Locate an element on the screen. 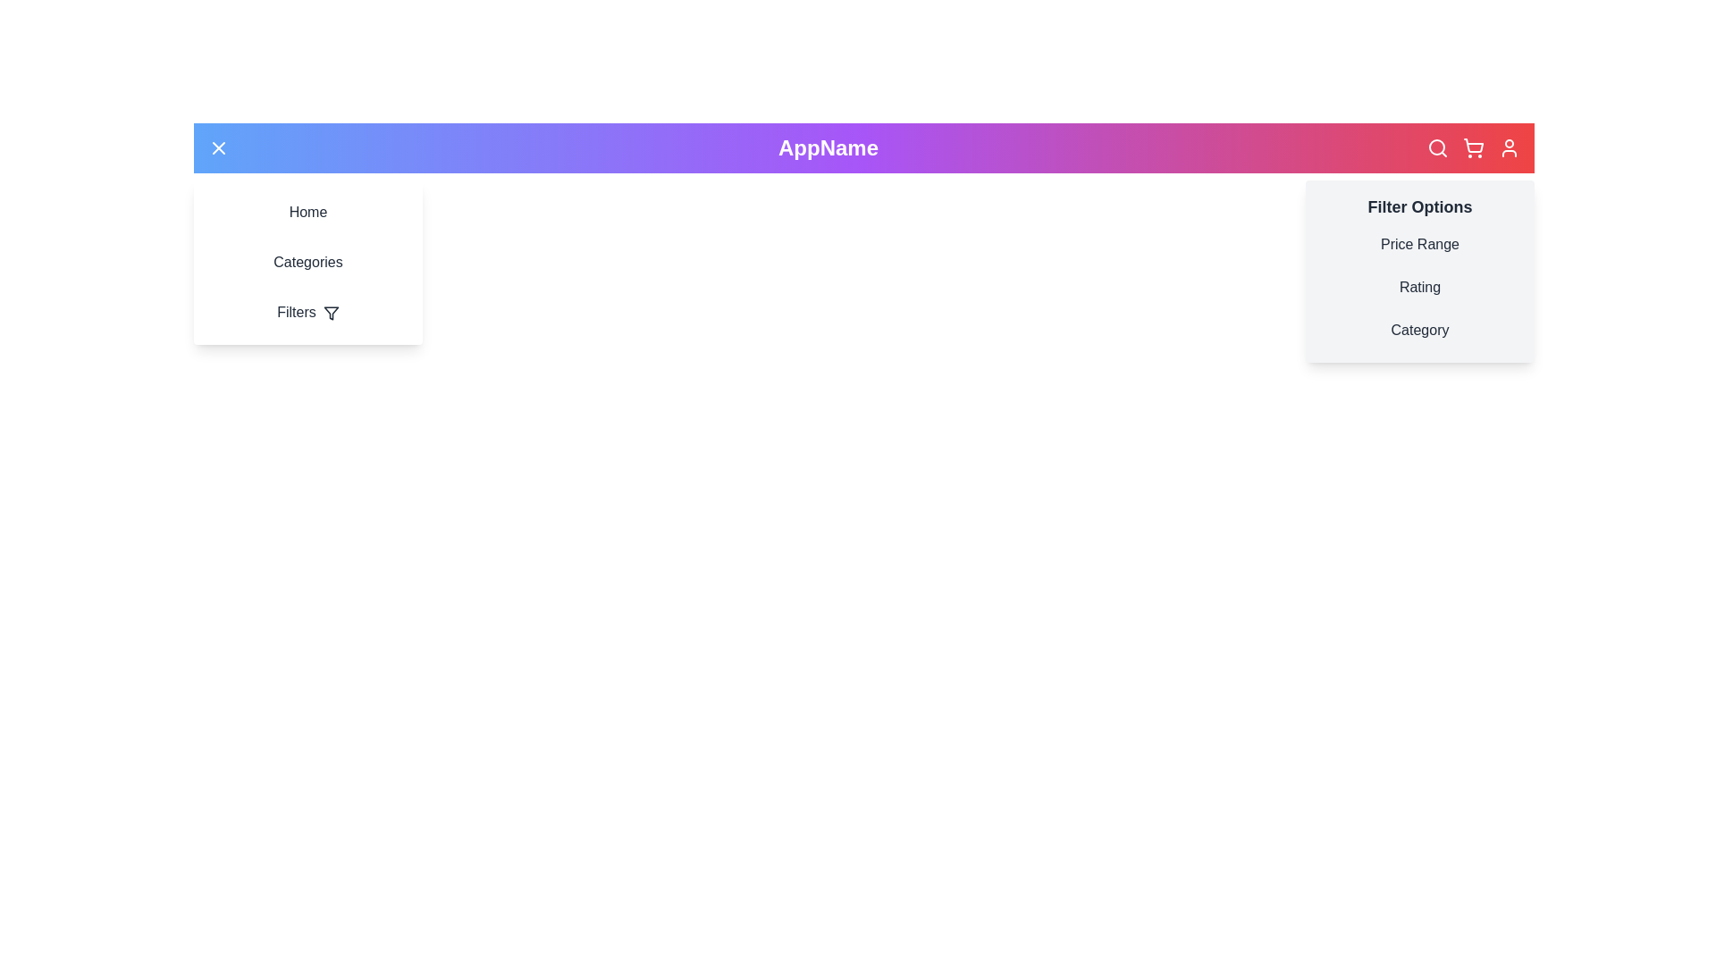 Image resolution: width=1716 pixels, height=965 pixels. the 'Filters' button, which is styled minimally with rounded corners and located in a dropdown menu is located at coordinates (308, 312).